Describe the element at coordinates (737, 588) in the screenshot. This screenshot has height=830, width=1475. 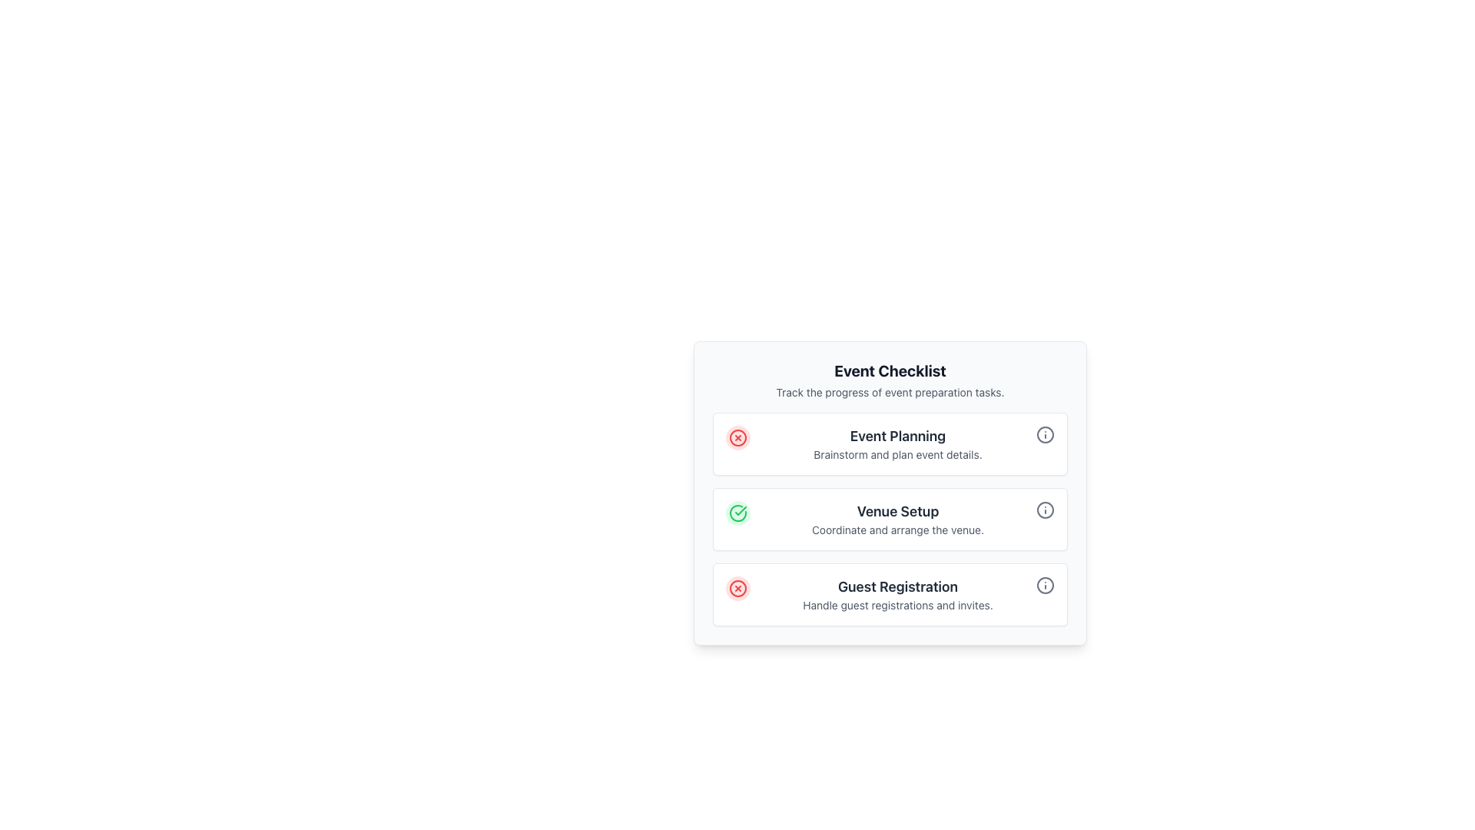
I see `the Status Indicator Circle that signals an incomplete or negative state for the Guest Registration task, located on the left side of the horizontal layout next to textual labels` at that location.